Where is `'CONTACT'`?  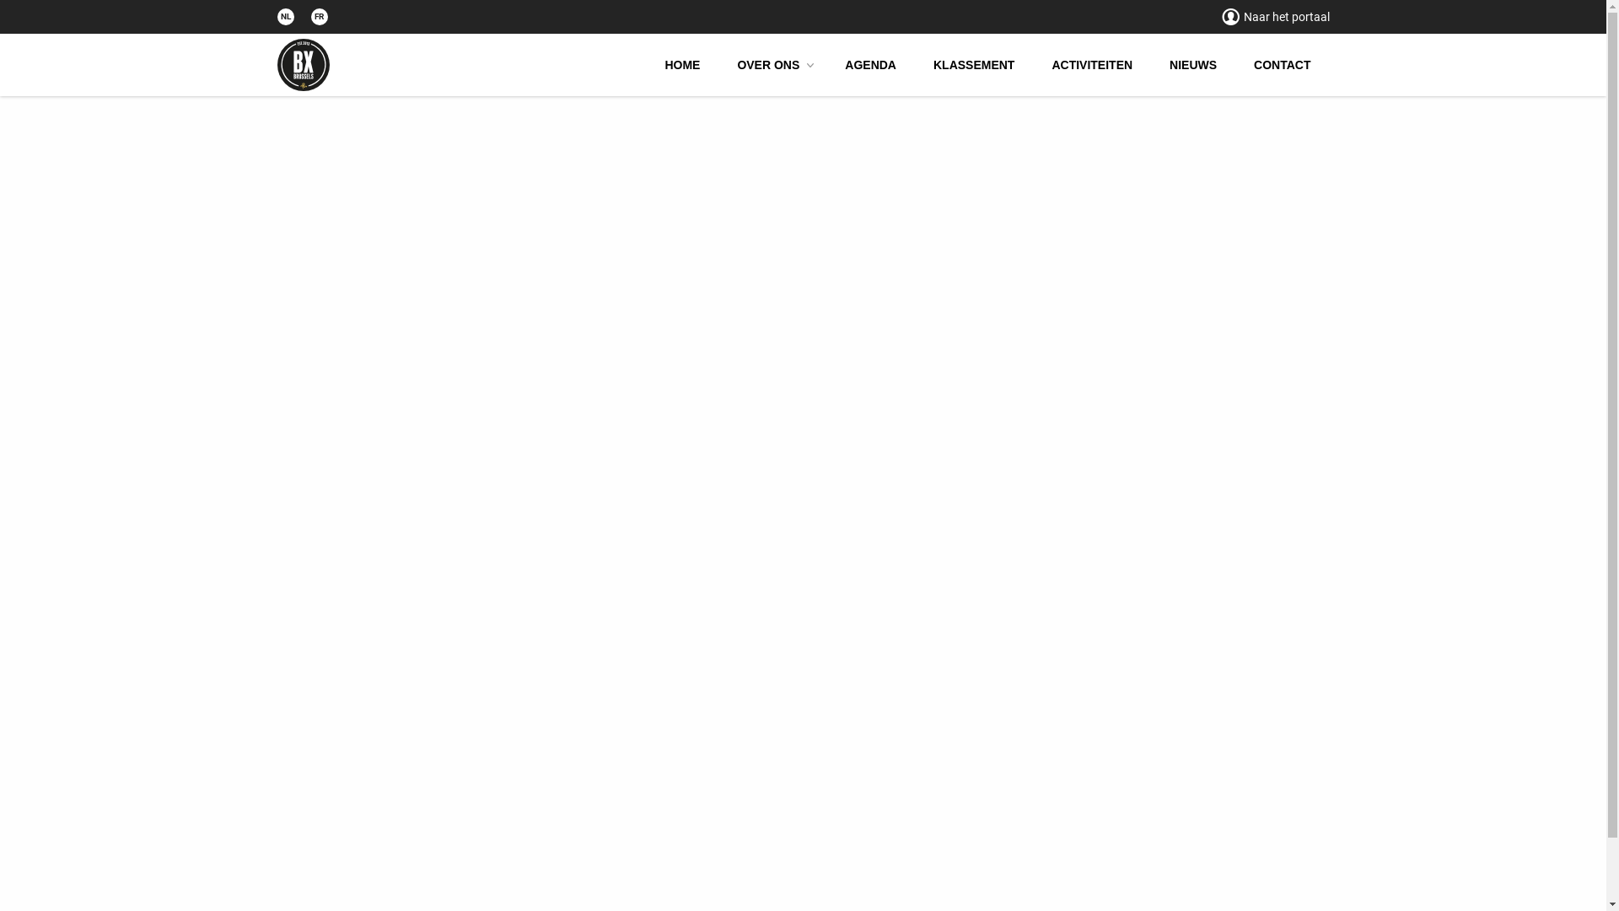
'CONTACT' is located at coordinates (1282, 64).